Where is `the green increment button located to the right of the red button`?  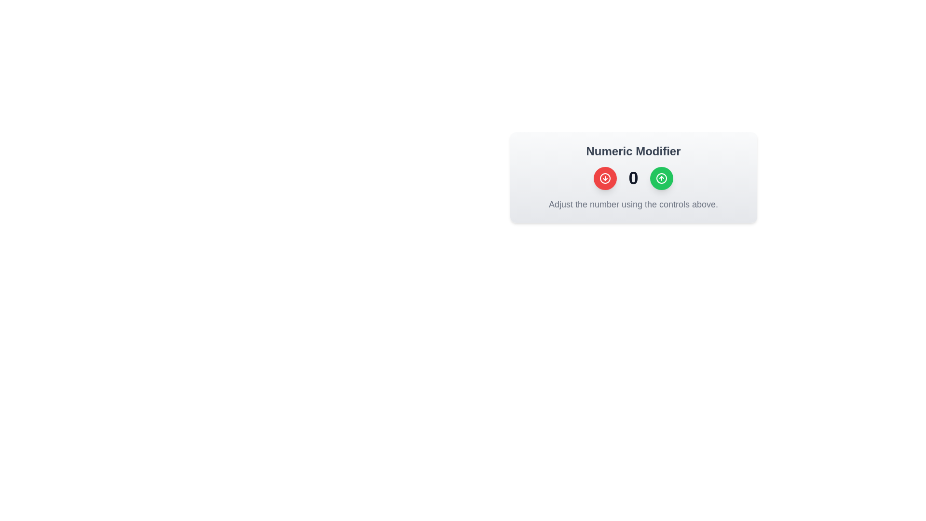 the green increment button located to the right of the red button is located at coordinates (661, 178).